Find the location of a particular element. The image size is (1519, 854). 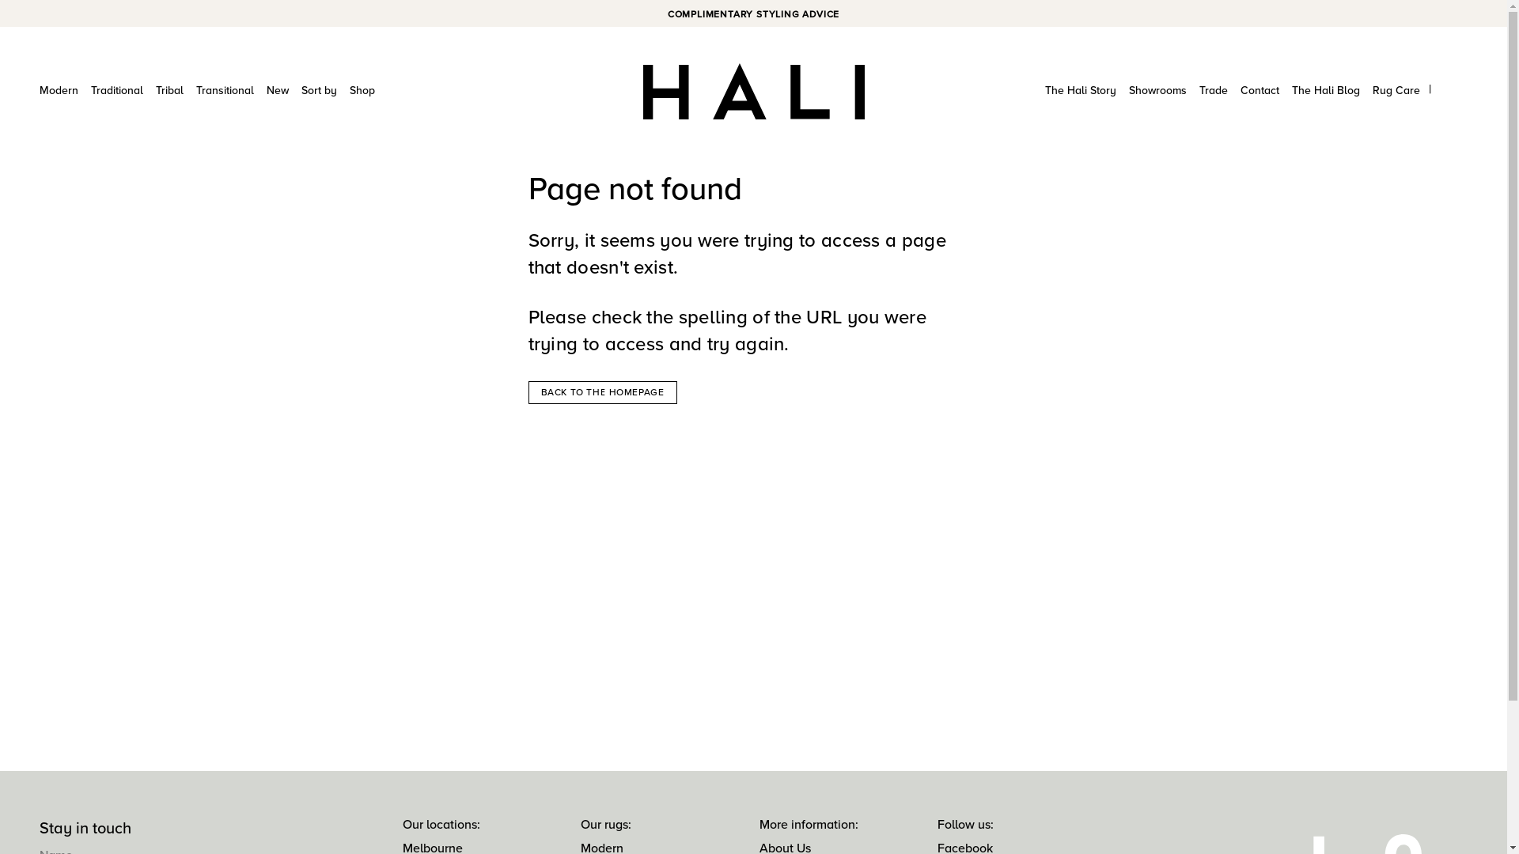

'COMPLIMENTARY STYLING ADVICE' is located at coordinates (752, 14).